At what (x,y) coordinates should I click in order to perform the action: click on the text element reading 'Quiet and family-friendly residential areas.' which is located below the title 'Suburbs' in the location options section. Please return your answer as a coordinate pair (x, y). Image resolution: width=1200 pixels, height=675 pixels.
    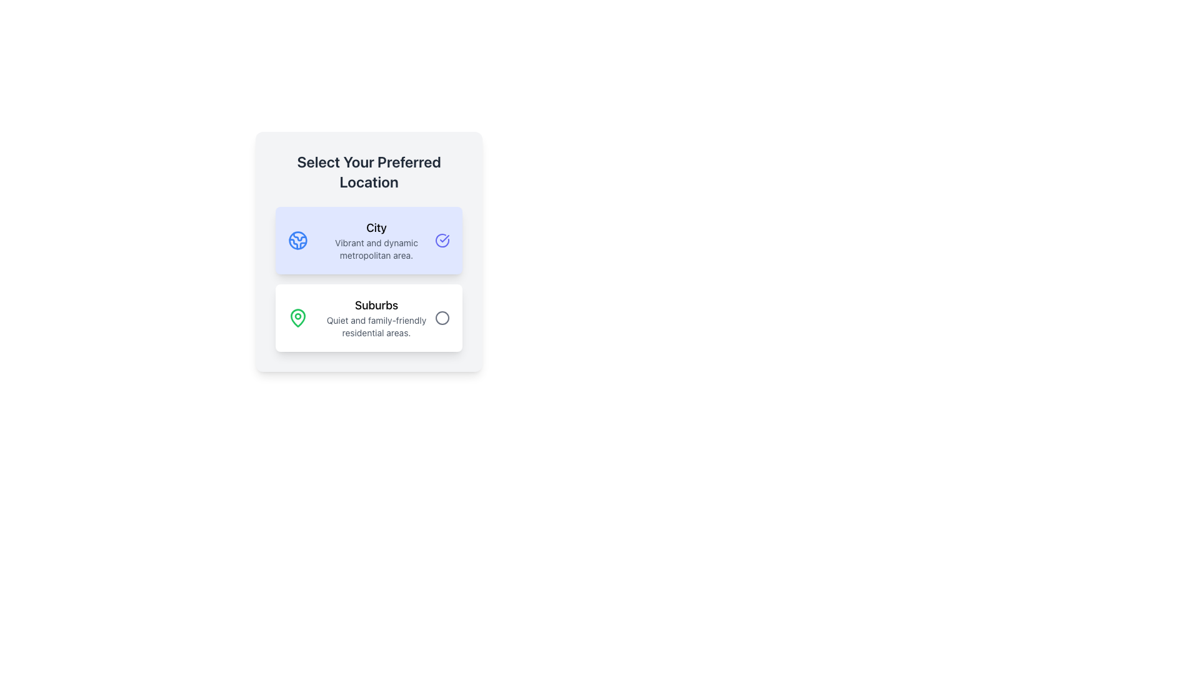
    Looking at the image, I should click on (376, 326).